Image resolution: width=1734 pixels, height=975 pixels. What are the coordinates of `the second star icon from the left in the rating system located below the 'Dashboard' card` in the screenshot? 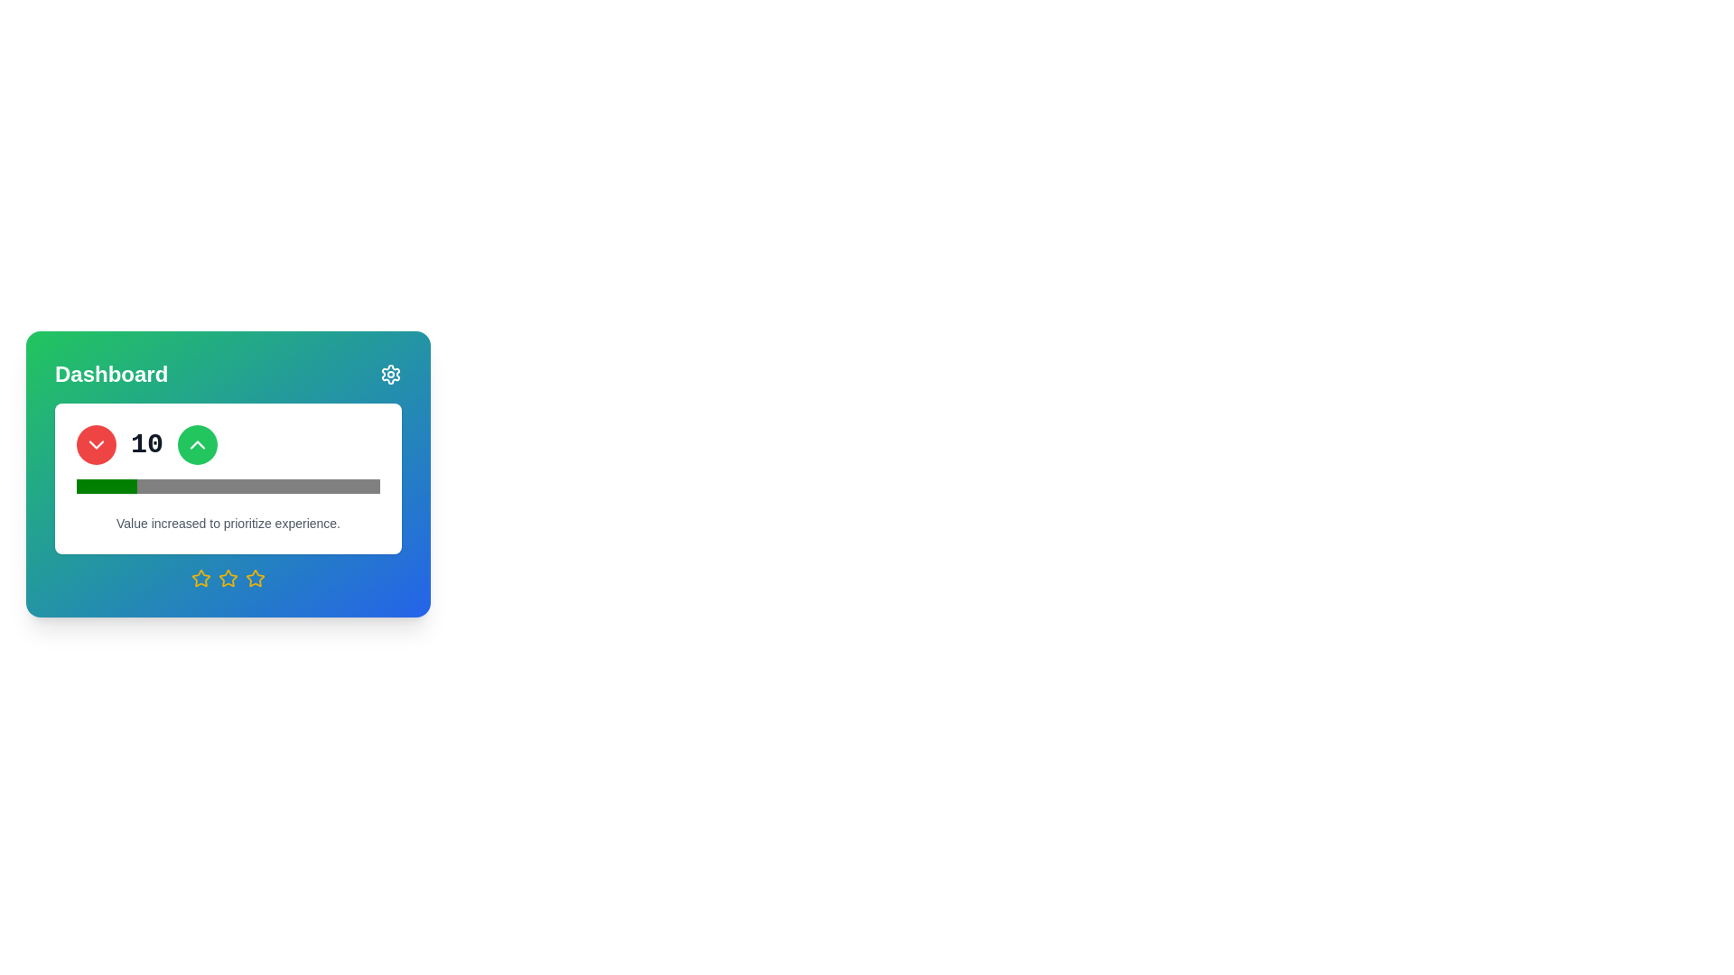 It's located at (200, 578).